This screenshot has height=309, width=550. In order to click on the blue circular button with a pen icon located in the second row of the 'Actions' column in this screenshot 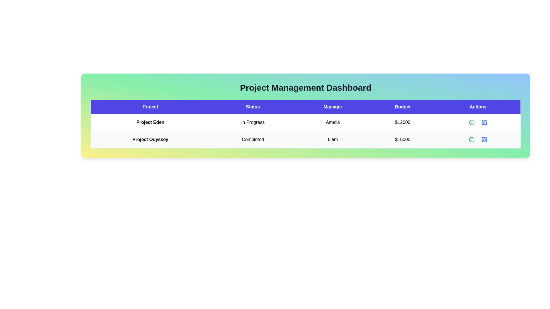, I will do `click(484, 140)`.